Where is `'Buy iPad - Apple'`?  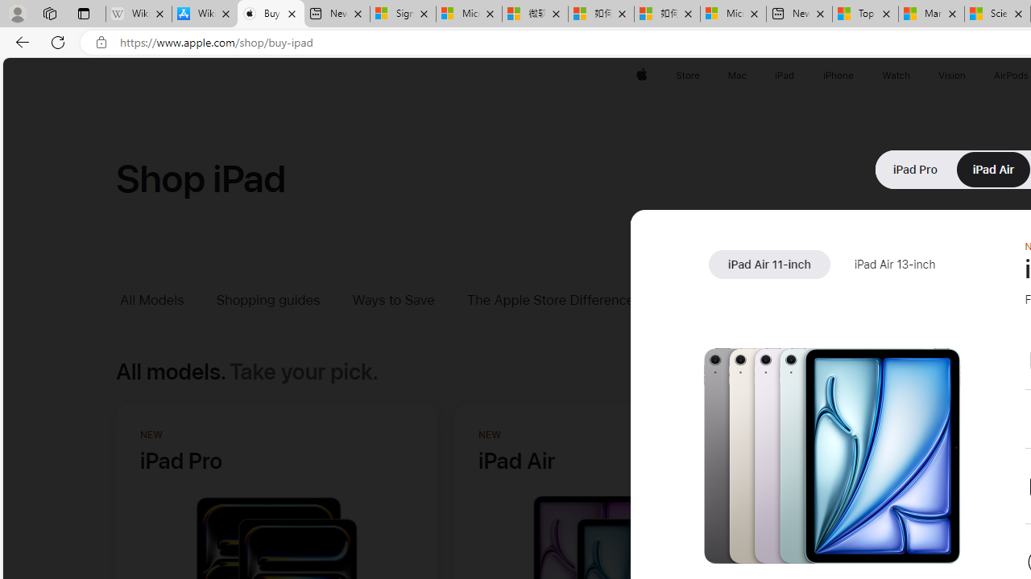 'Buy iPad - Apple' is located at coordinates (271, 14).